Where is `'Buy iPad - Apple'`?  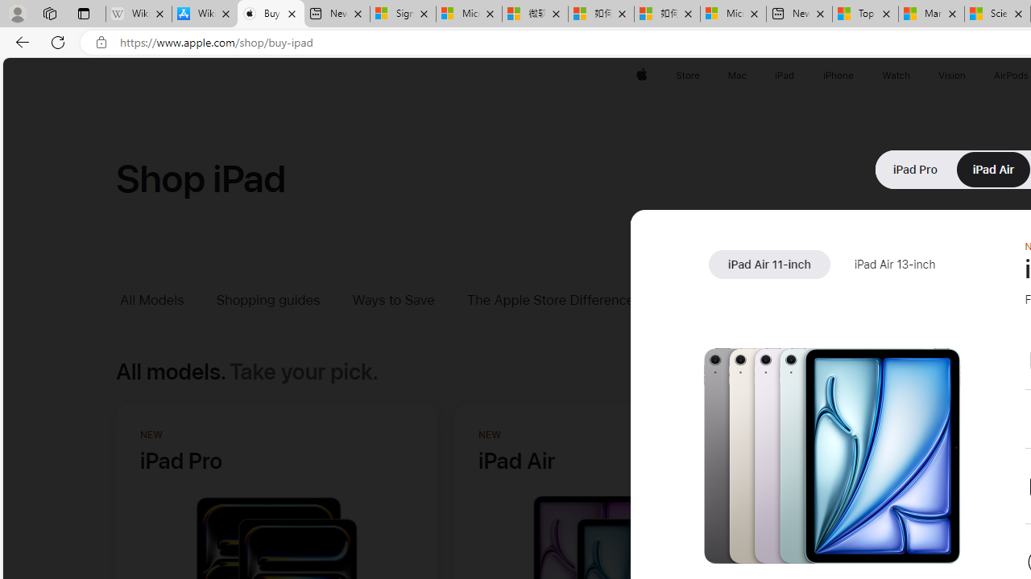 'Buy iPad - Apple' is located at coordinates (271, 14).